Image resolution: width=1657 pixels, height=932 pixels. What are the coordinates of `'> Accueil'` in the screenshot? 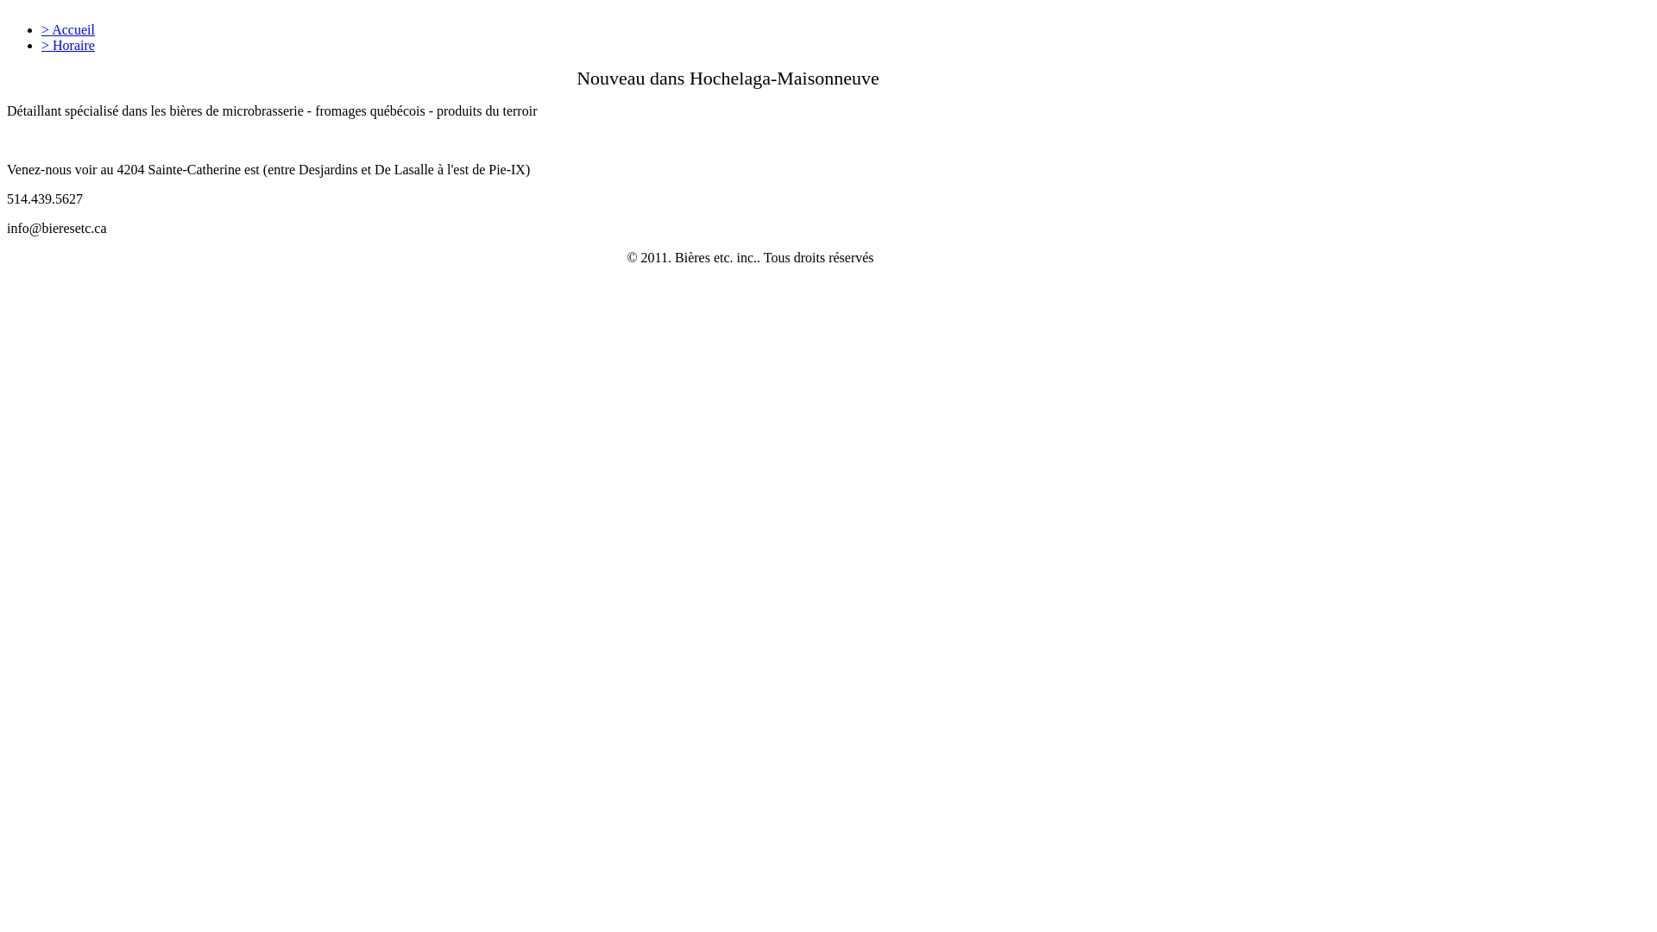 It's located at (67, 29).